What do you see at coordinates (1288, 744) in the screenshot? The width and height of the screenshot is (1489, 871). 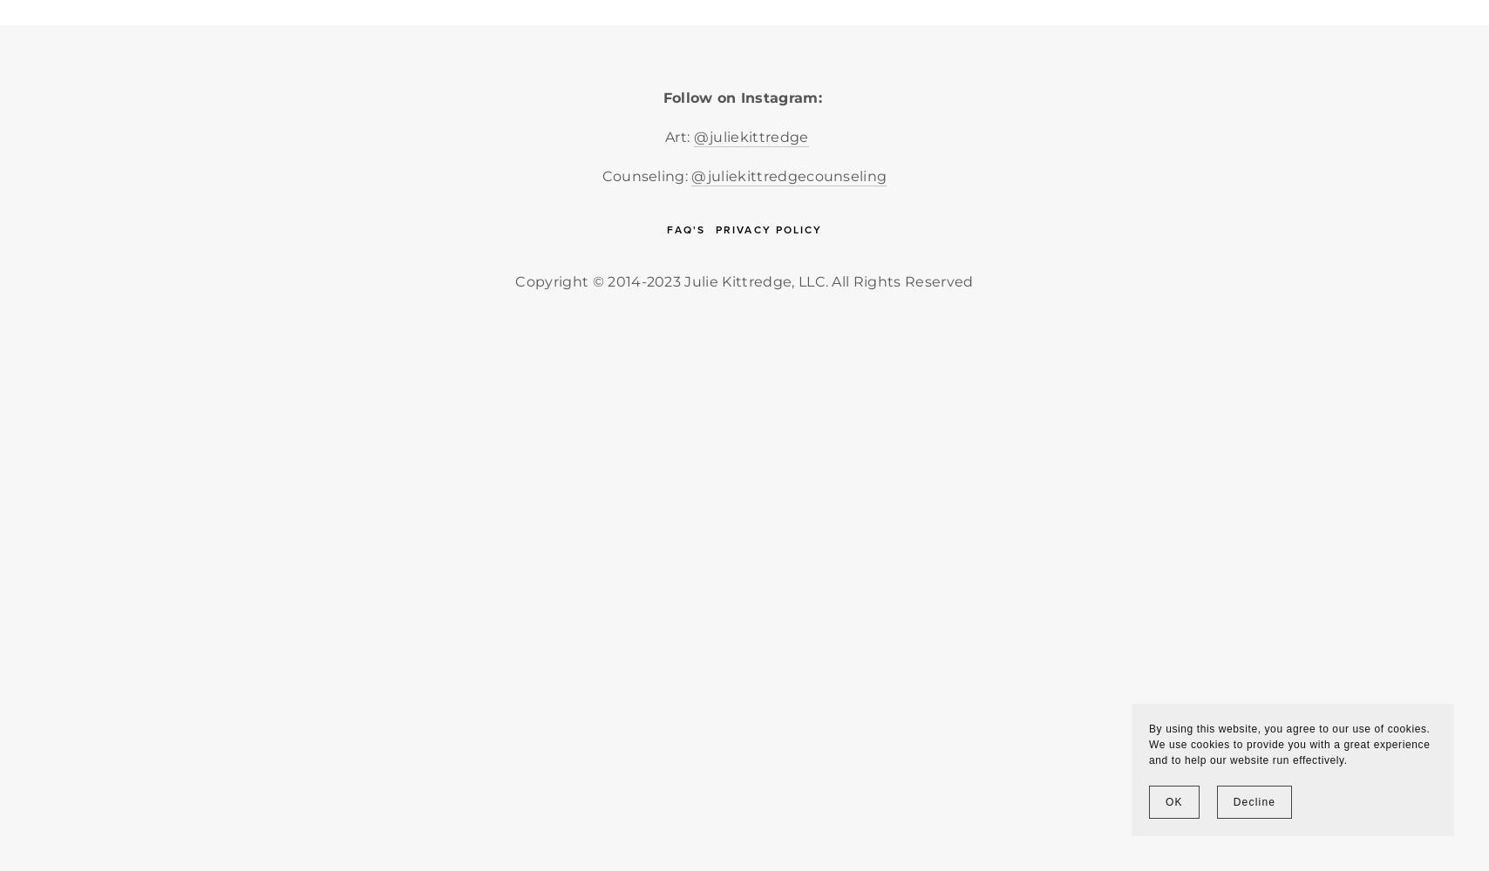 I see `'By using this website, you agree to our use of cookies. We use cookies to provide you with a great experience and to help our website run effectively.'` at bounding box center [1288, 744].